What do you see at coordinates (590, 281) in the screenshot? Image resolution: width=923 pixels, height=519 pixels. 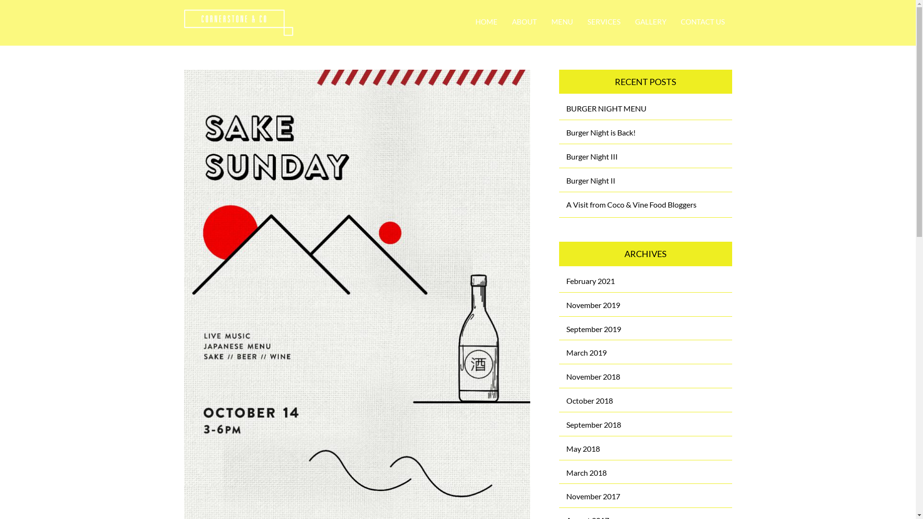 I see `'February 2021'` at bounding box center [590, 281].